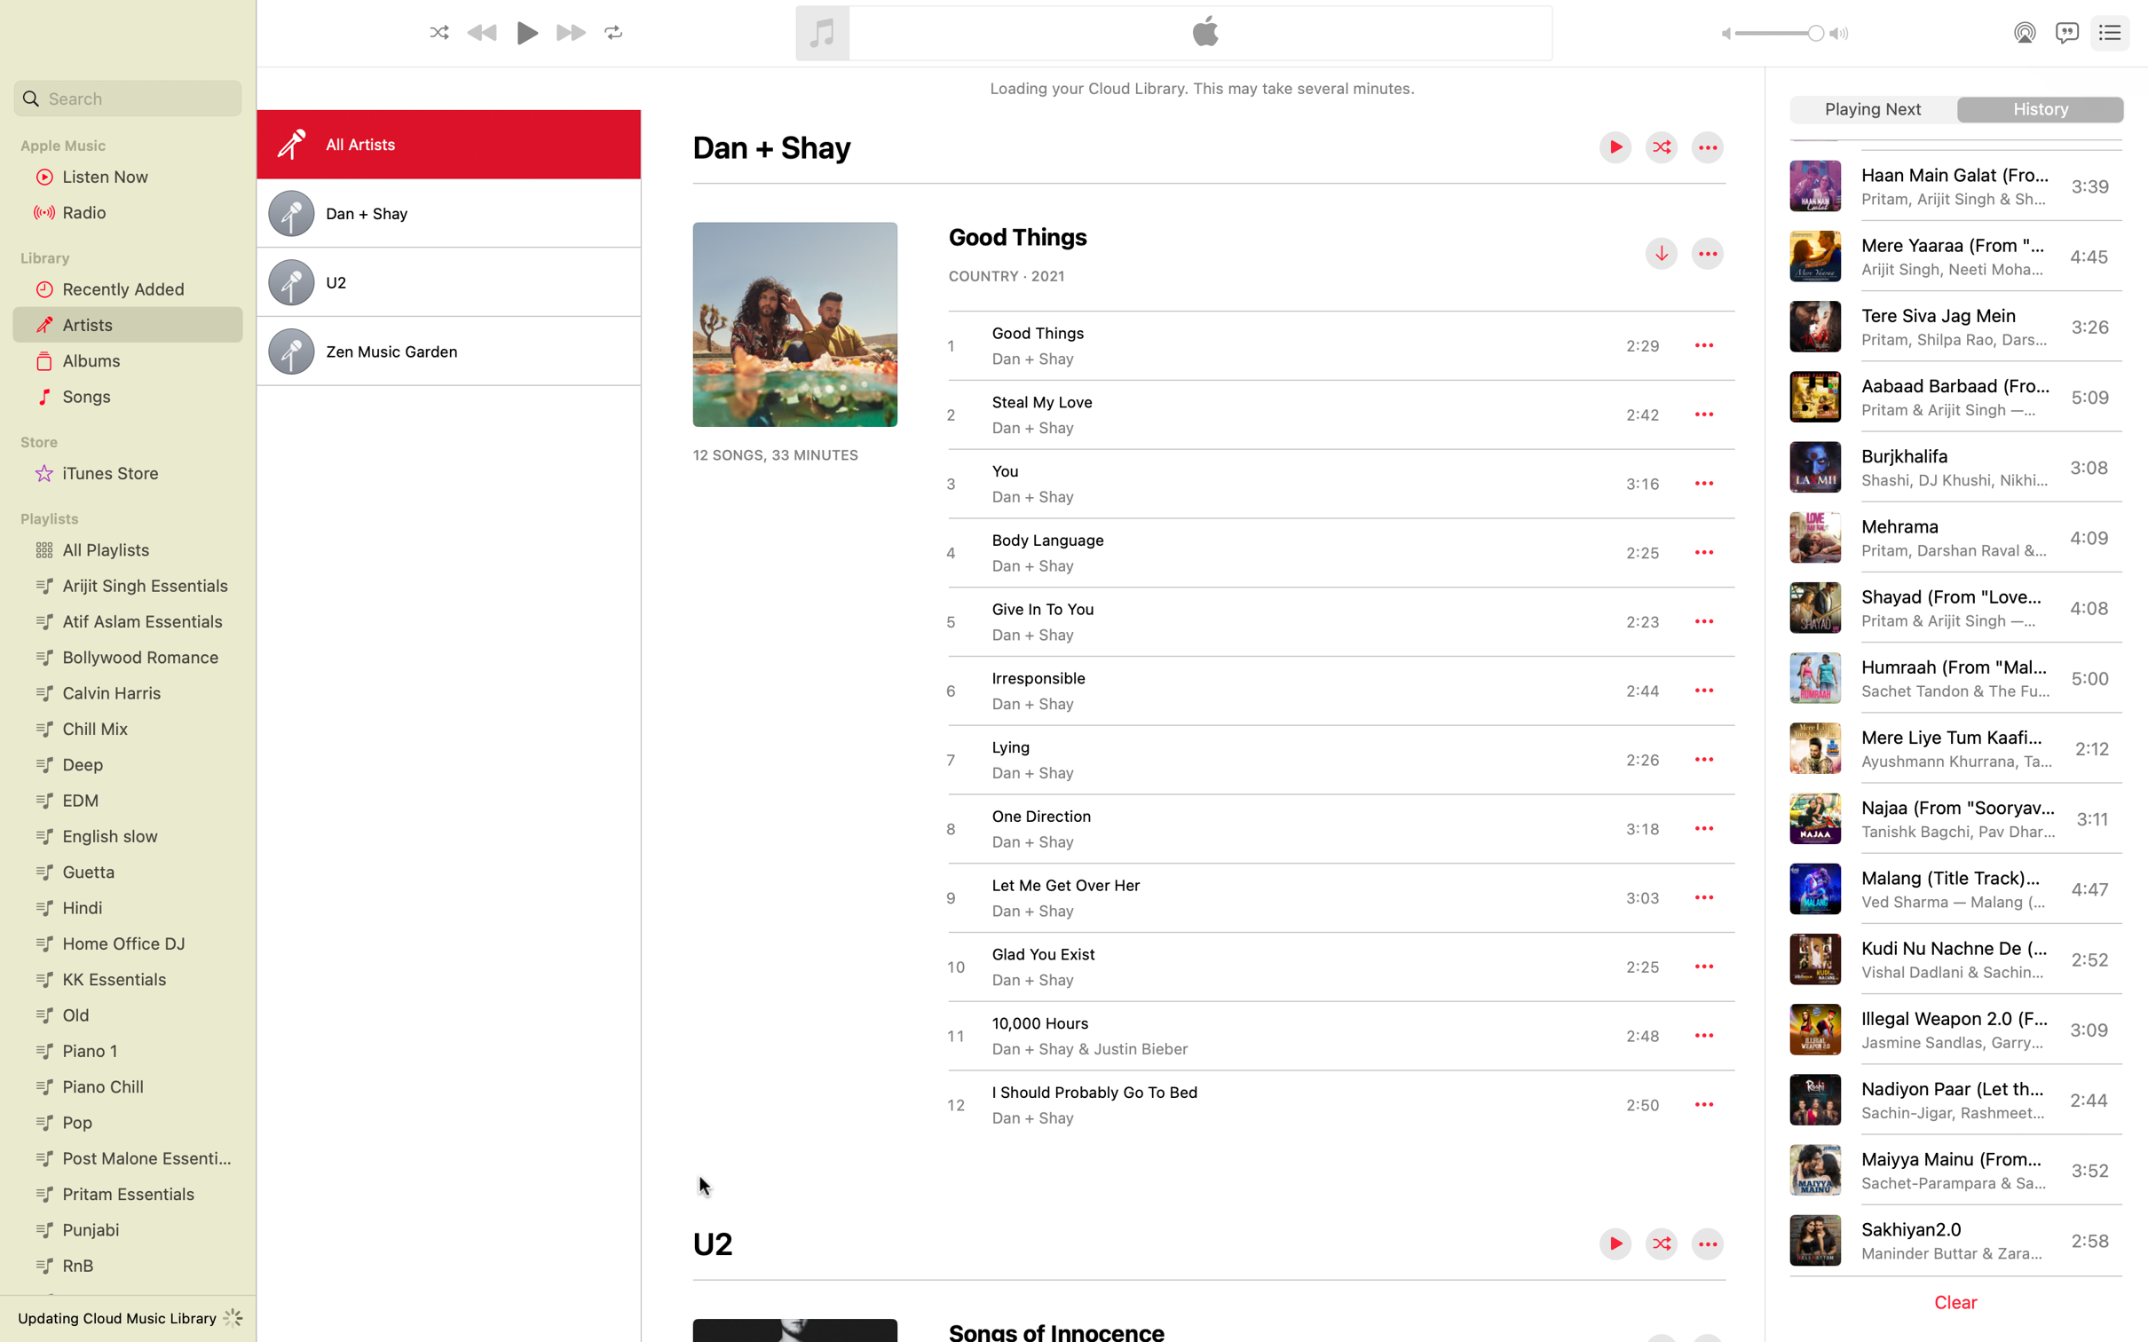 Image resolution: width=2148 pixels, height=1342 pixels. What do you see at coordinates (1953, 747) in the screenshot?
I see `Run the music "Mere Liye Tum Kaafi` at bounding box center [1953, 747].